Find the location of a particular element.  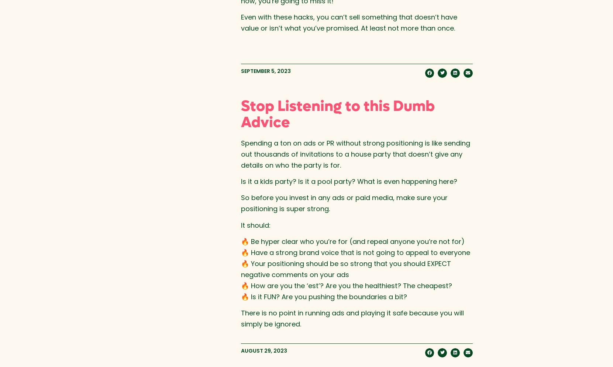

'🔥 Be hyper clear who you’re for (and repeal anyone you’re not for)' is located at coordinates (240, 241).